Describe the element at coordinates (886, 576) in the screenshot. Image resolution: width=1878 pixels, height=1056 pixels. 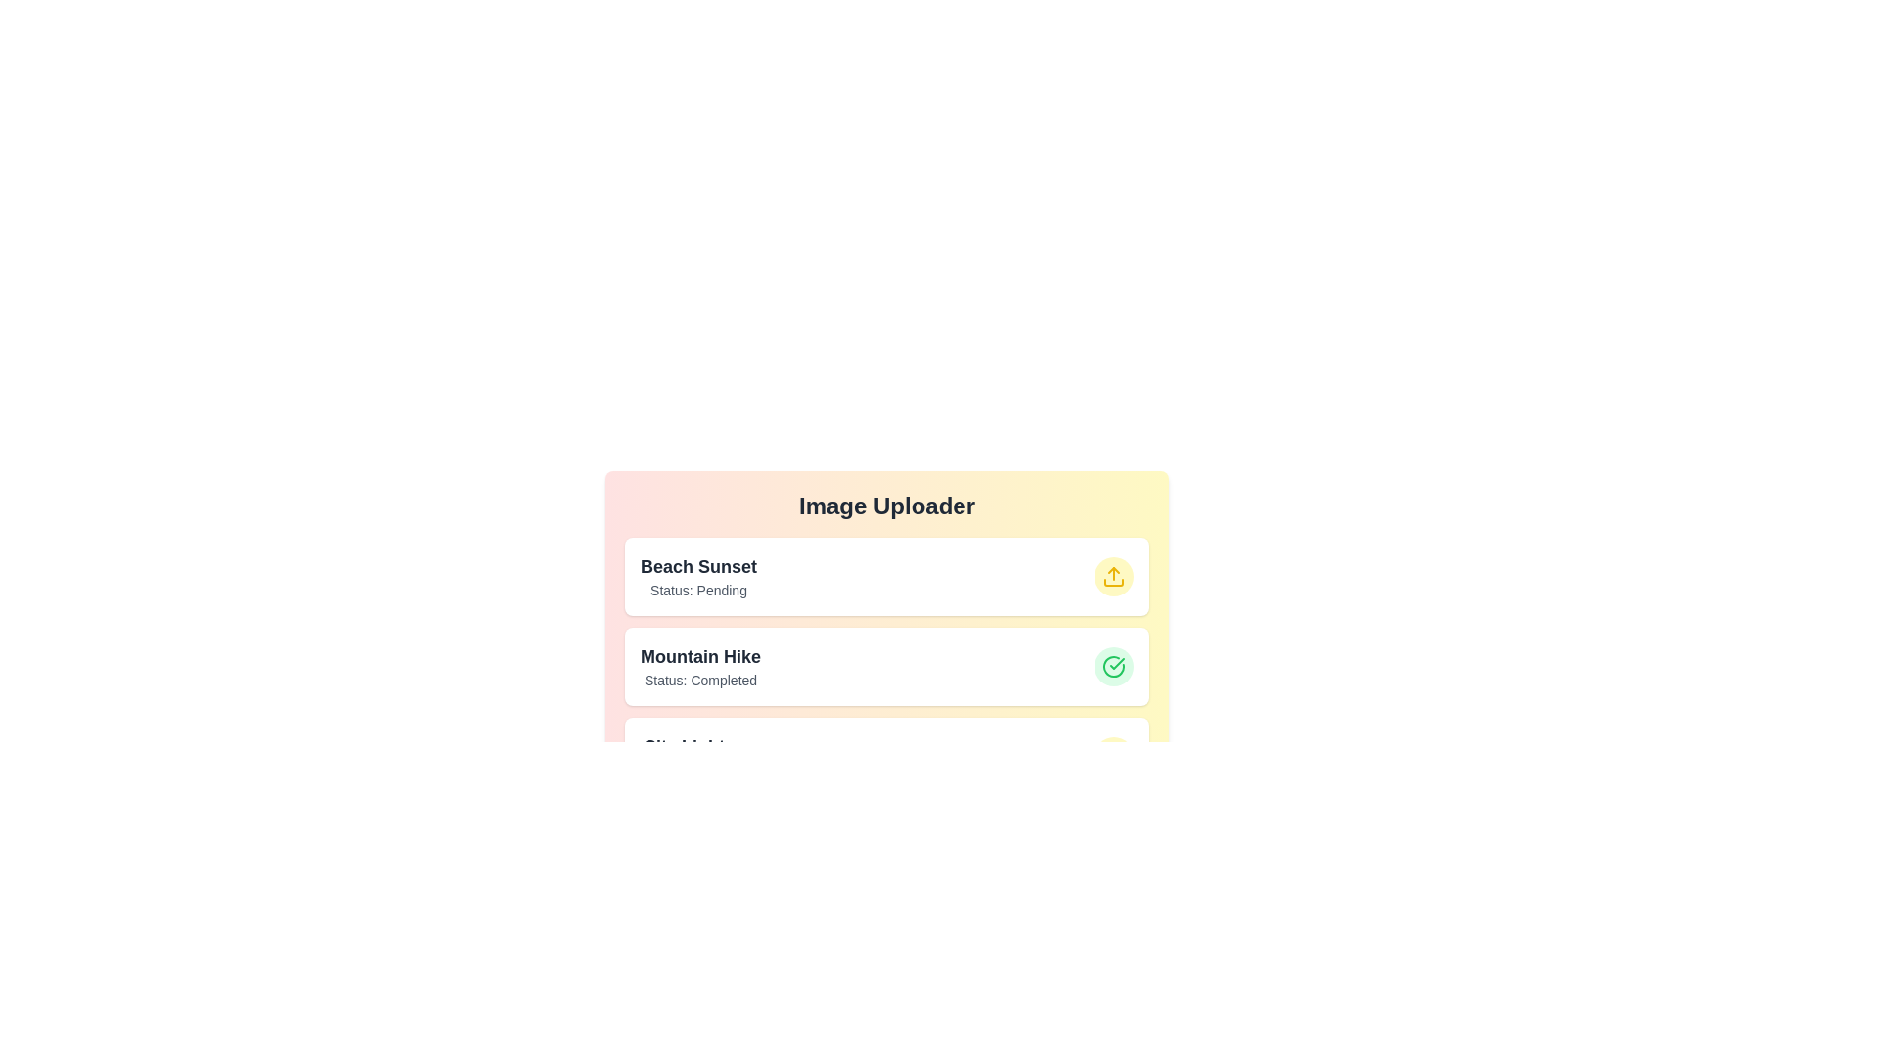
I see `the image item corresponding to Beach Sunset to view its details` at that location.